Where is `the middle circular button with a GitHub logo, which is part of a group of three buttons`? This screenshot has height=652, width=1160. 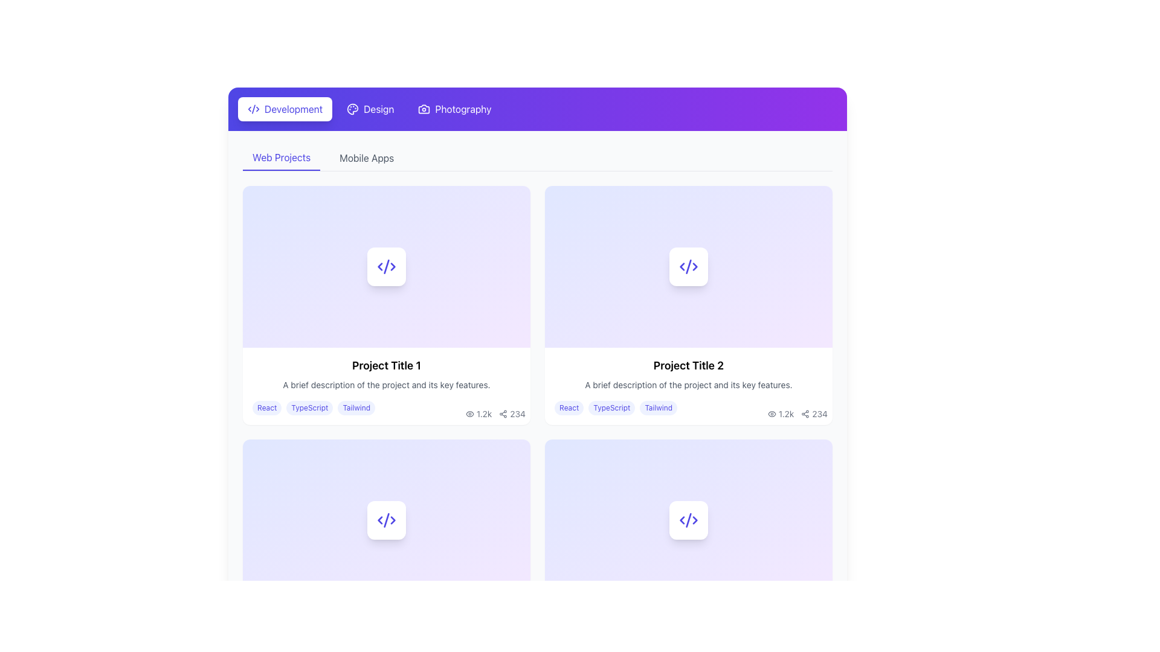
the middle circular button with a GitHub logo, which is part of a group of three buttons is located at coordinates (794, 199).